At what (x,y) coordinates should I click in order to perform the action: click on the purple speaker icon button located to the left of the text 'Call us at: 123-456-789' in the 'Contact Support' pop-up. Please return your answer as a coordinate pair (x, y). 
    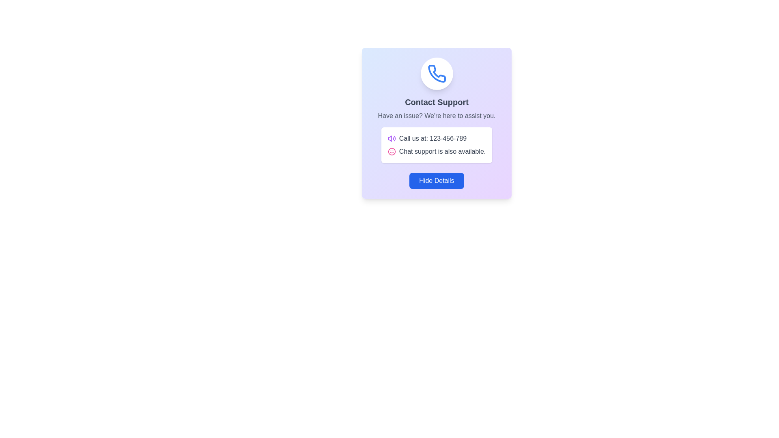
    Looking at the image, I should click on (392, 138).